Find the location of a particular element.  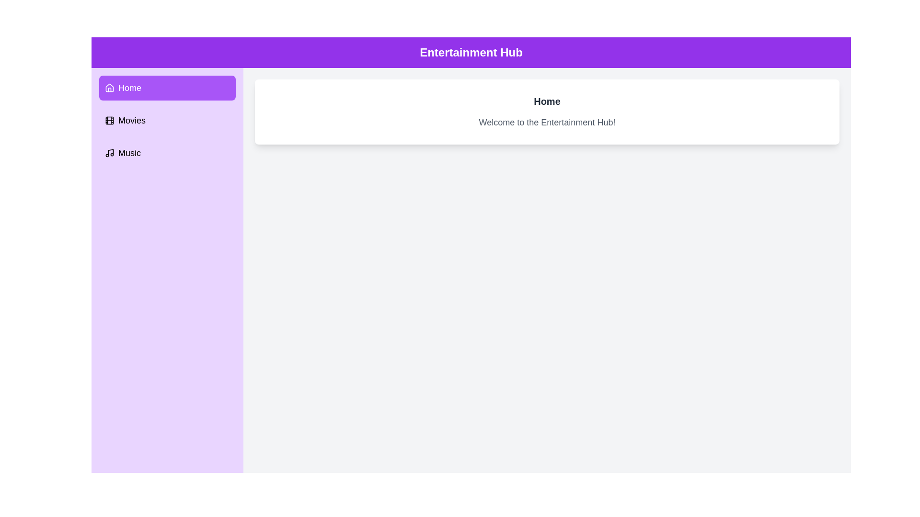

the Home tab to switch to its content is located at coordinates (167, 88).